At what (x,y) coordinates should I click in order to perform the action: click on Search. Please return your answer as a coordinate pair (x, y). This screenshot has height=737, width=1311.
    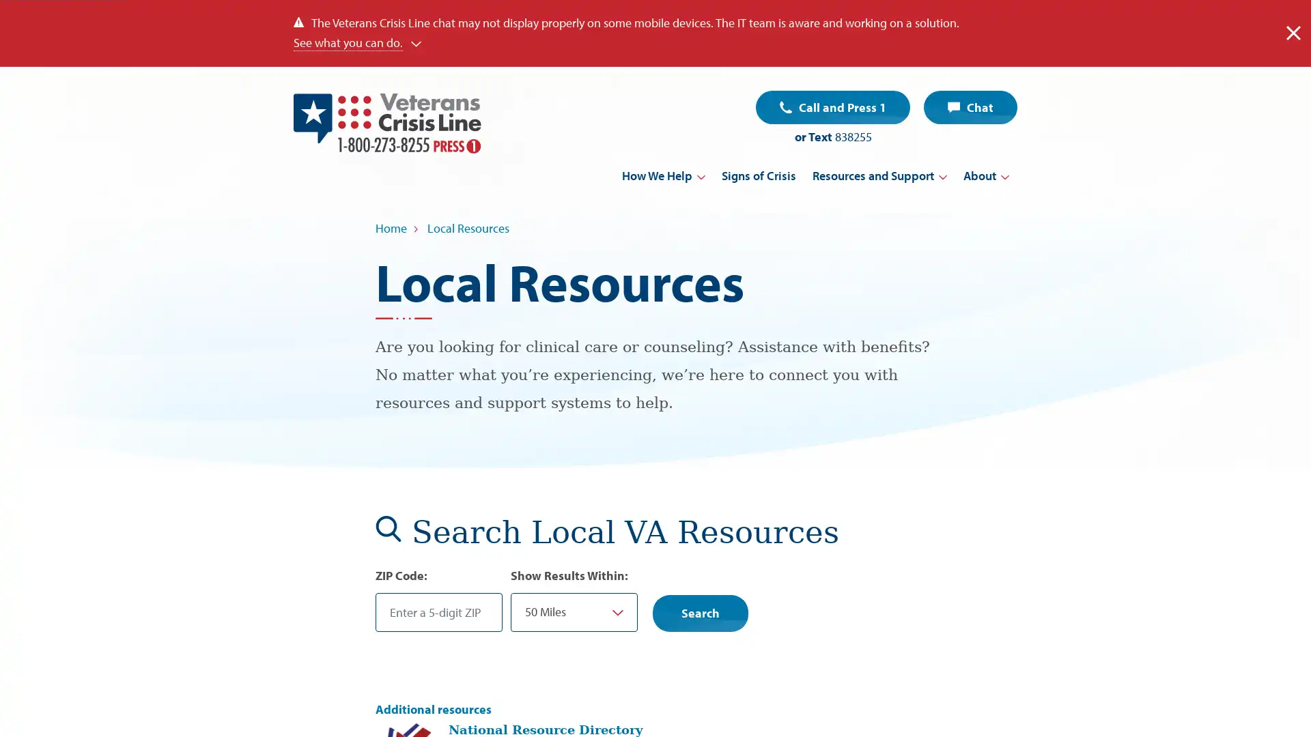
    Looking at the image, I should click on (701, 612).